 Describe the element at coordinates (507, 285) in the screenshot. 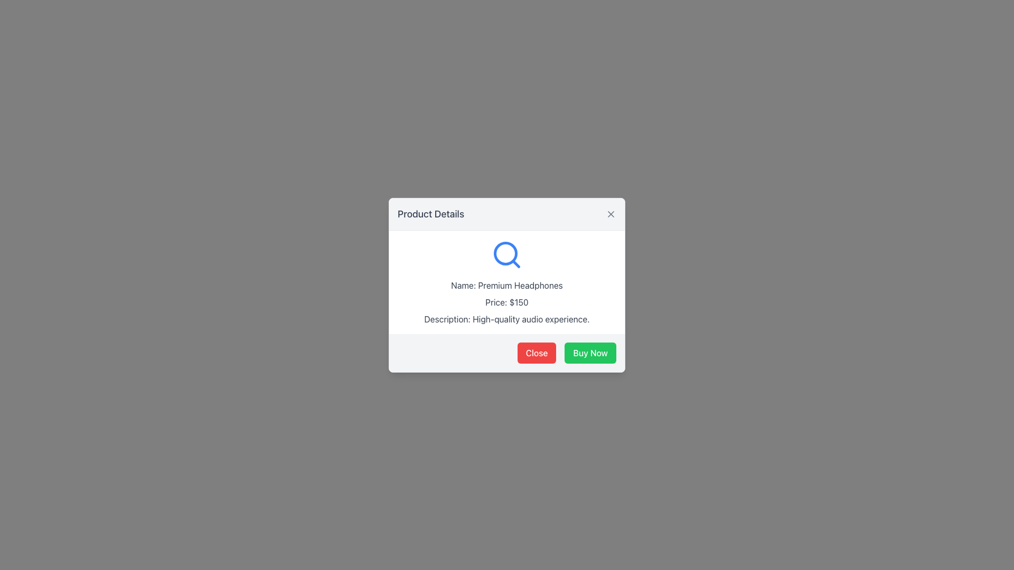

I see `the static text label indicating the product name, 'Premium Headphones', which is the first item in a vertical layout grouping with other product details` at that location.